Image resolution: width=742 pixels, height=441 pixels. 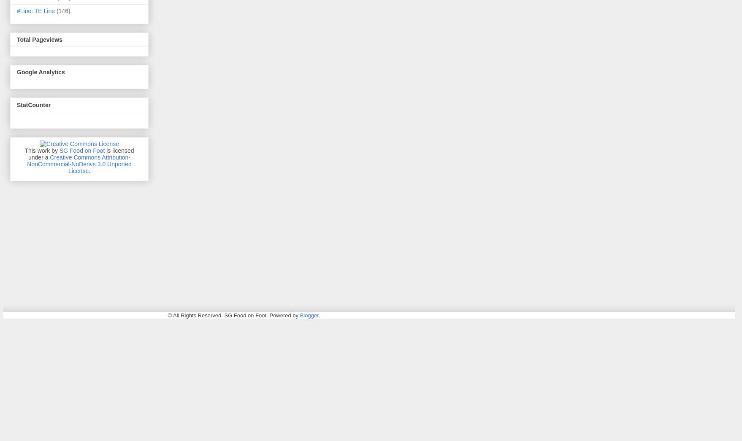 I want to click on 'SG Food on Foot', so click(x=81, y=150).